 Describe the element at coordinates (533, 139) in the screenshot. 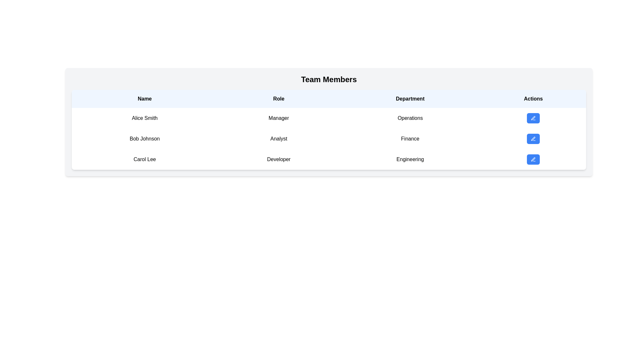

I see `the edit button in the Actions column of the second row for 'Bob Johnson'` at that location.